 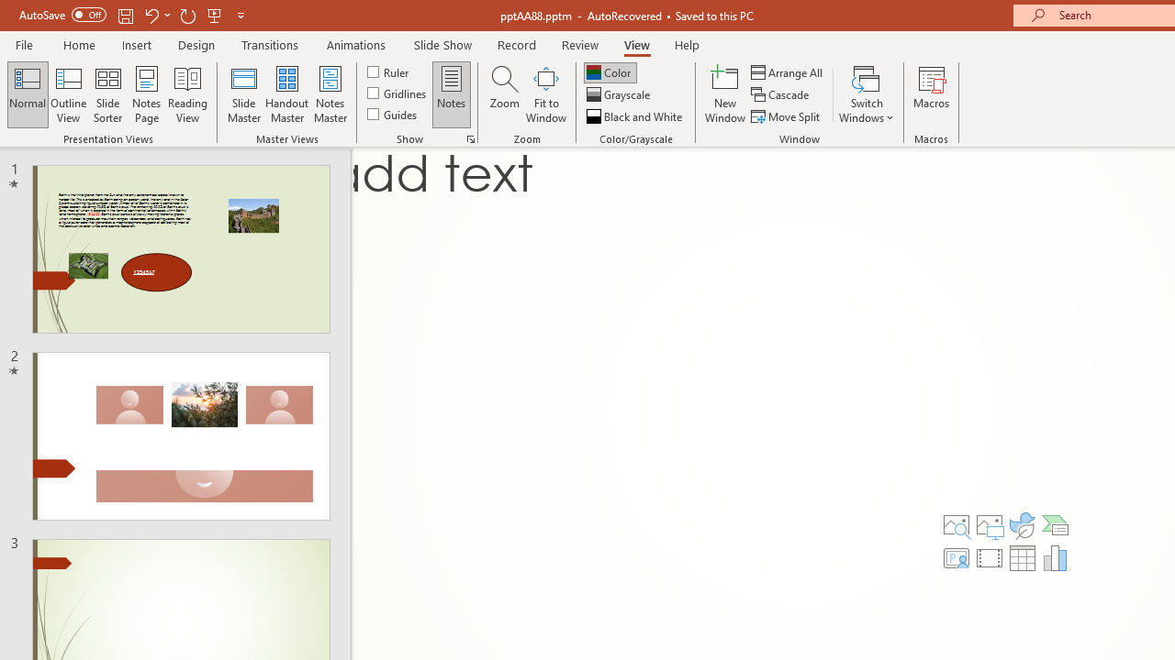 What do you see at coordinates (956, 525) in the screenshot?
I see `'Stock Images'` at bounding box center [956, 525].